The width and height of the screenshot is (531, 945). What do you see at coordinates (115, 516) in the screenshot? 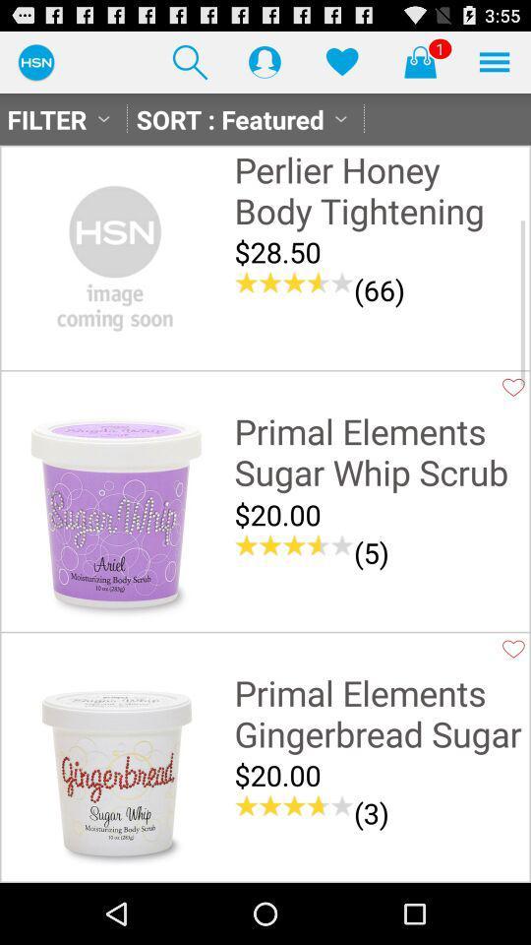
I see `the image which is left of primal elements sugar whip scrub` at bounding box center [115, 516].